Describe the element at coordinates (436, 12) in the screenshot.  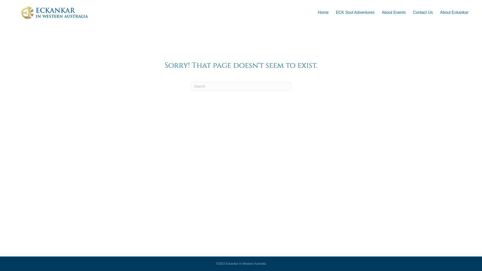
I see `'About Eckankar'` at that location.